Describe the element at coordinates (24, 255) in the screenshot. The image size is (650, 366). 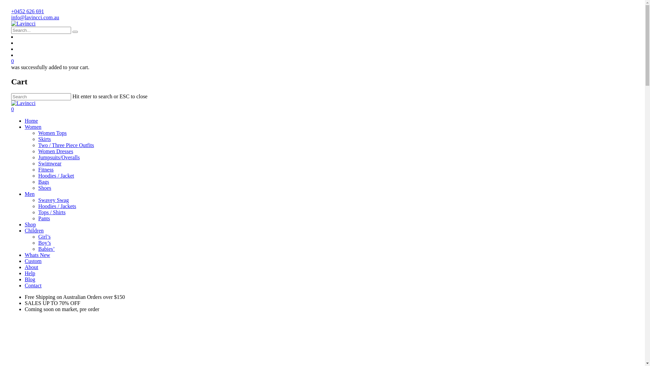
I see `'Whats New'` at that location.